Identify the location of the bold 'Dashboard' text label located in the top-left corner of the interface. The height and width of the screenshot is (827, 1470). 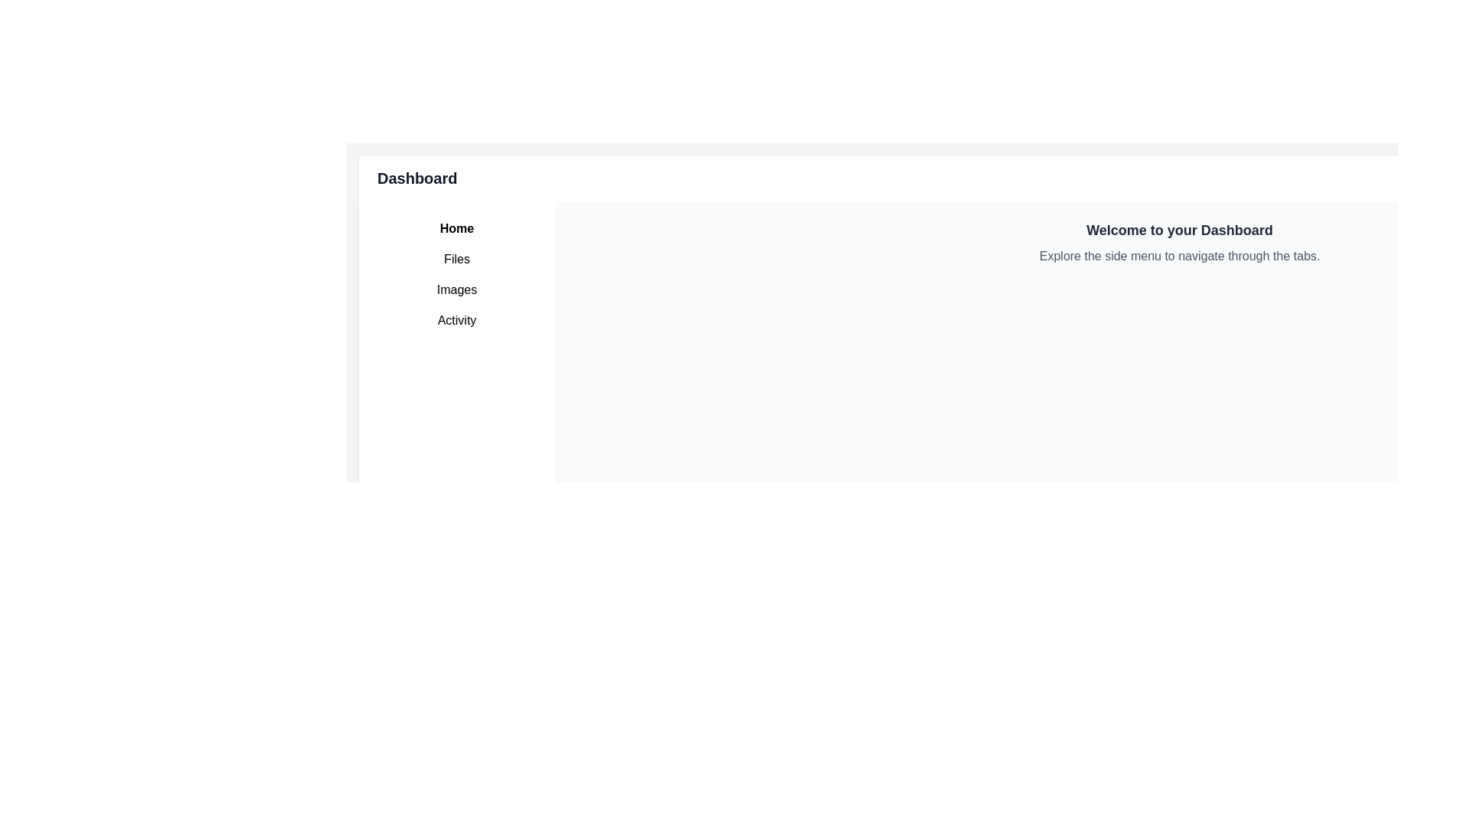
(417, 177).